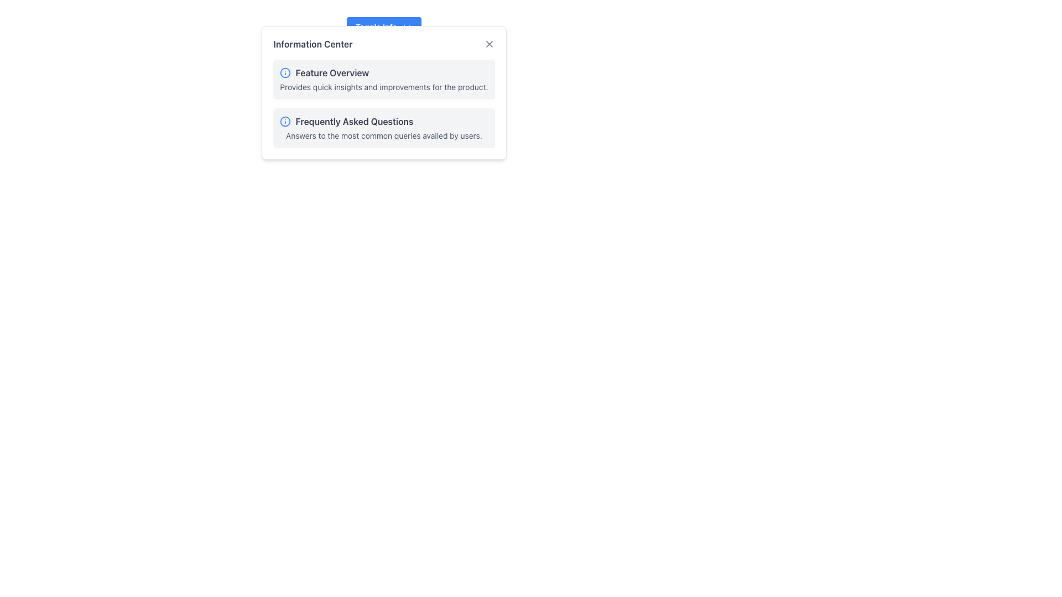 Image resolution: width=1062 pixels, height=597 pixels. Describe the element at coordinates (384, 121) in the screenshot. I see `text from the label with the text 'Frequently Asked Questions' which is styled with a bold font and dark gray color, located in the 'Information Center' interface box, beneath the 'Feature Overview' label` at that location.